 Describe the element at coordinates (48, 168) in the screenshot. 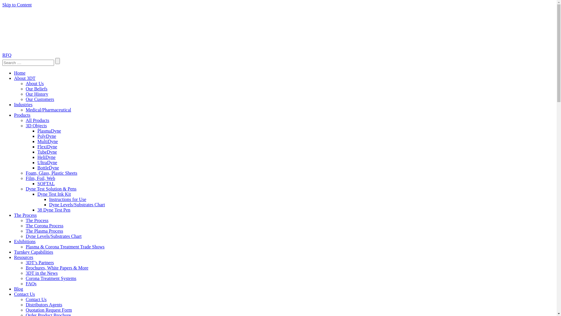

I see `'BottleDyne'` at that location.